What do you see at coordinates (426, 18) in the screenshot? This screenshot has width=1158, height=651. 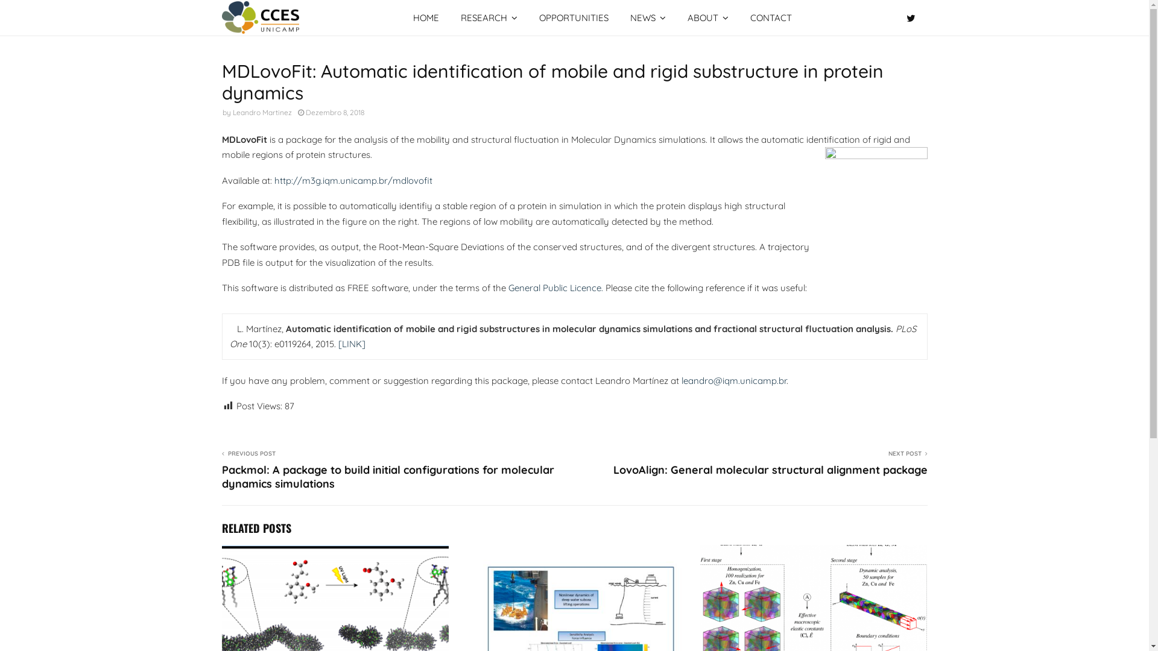 I see `'HOME'` at bounding box center [426, 18].